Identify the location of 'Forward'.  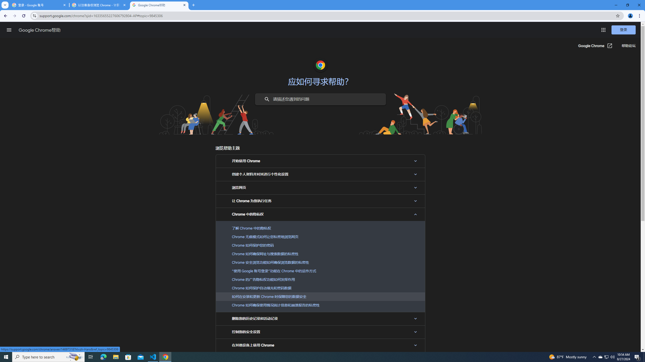
(14, 16).